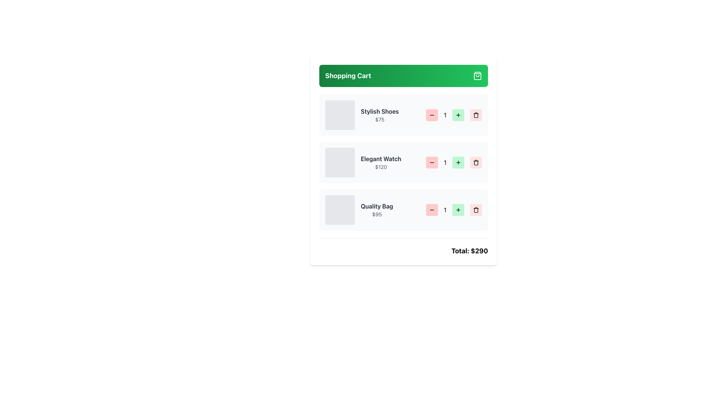 This screenshot has width=712, height=400. I want to click on the graphical icon representing a shopping cart or bag located at the extreme right of the header bar in the shopping cart interface, so click(477, 76).